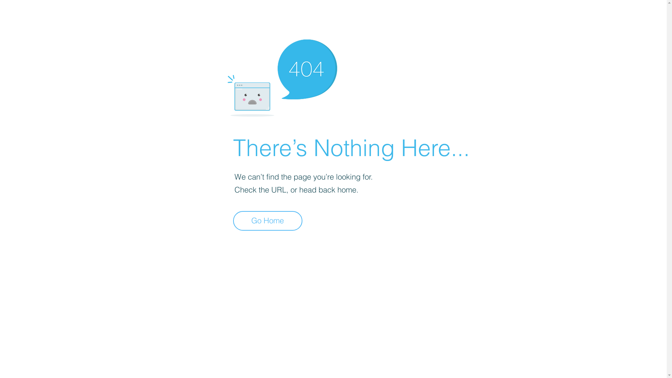 The height and width of the screenshot is (378, 672). What do you see at coordinates (267, 221) in the screenshot?
I see `'Go Home'` at bounding box center [267, 221].